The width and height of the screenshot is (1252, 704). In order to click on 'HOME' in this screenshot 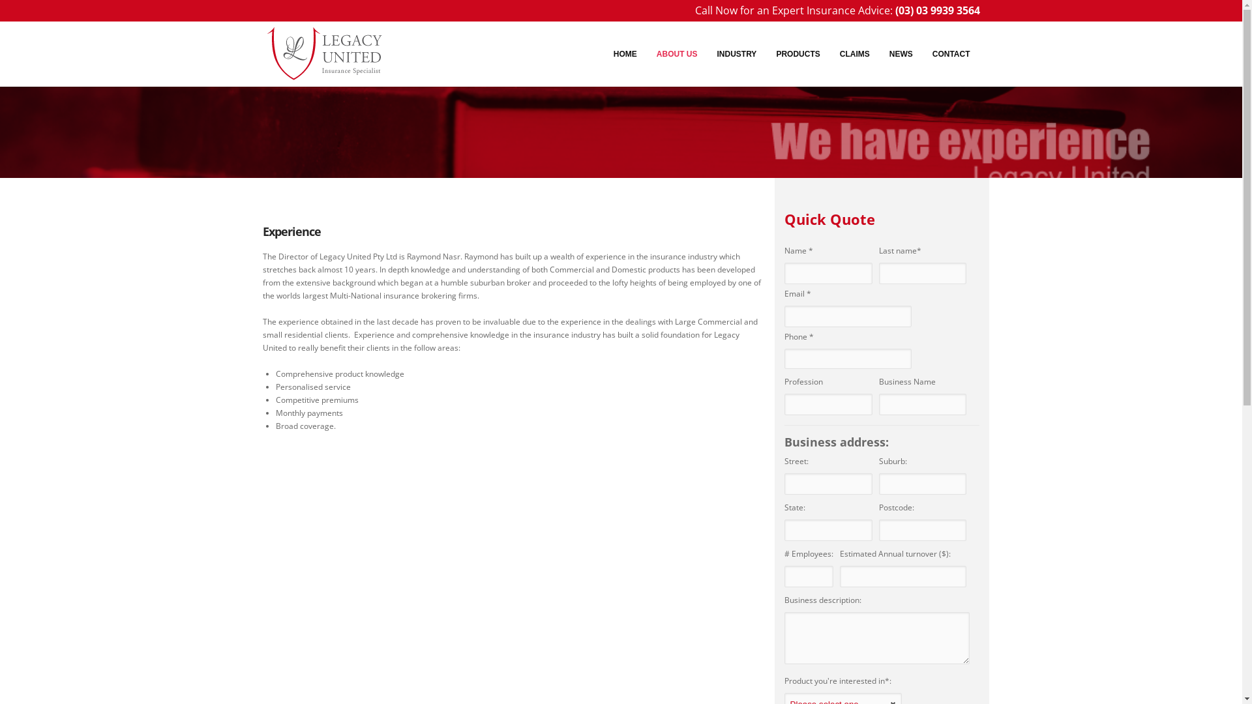, I will do `click(625, 53)`.